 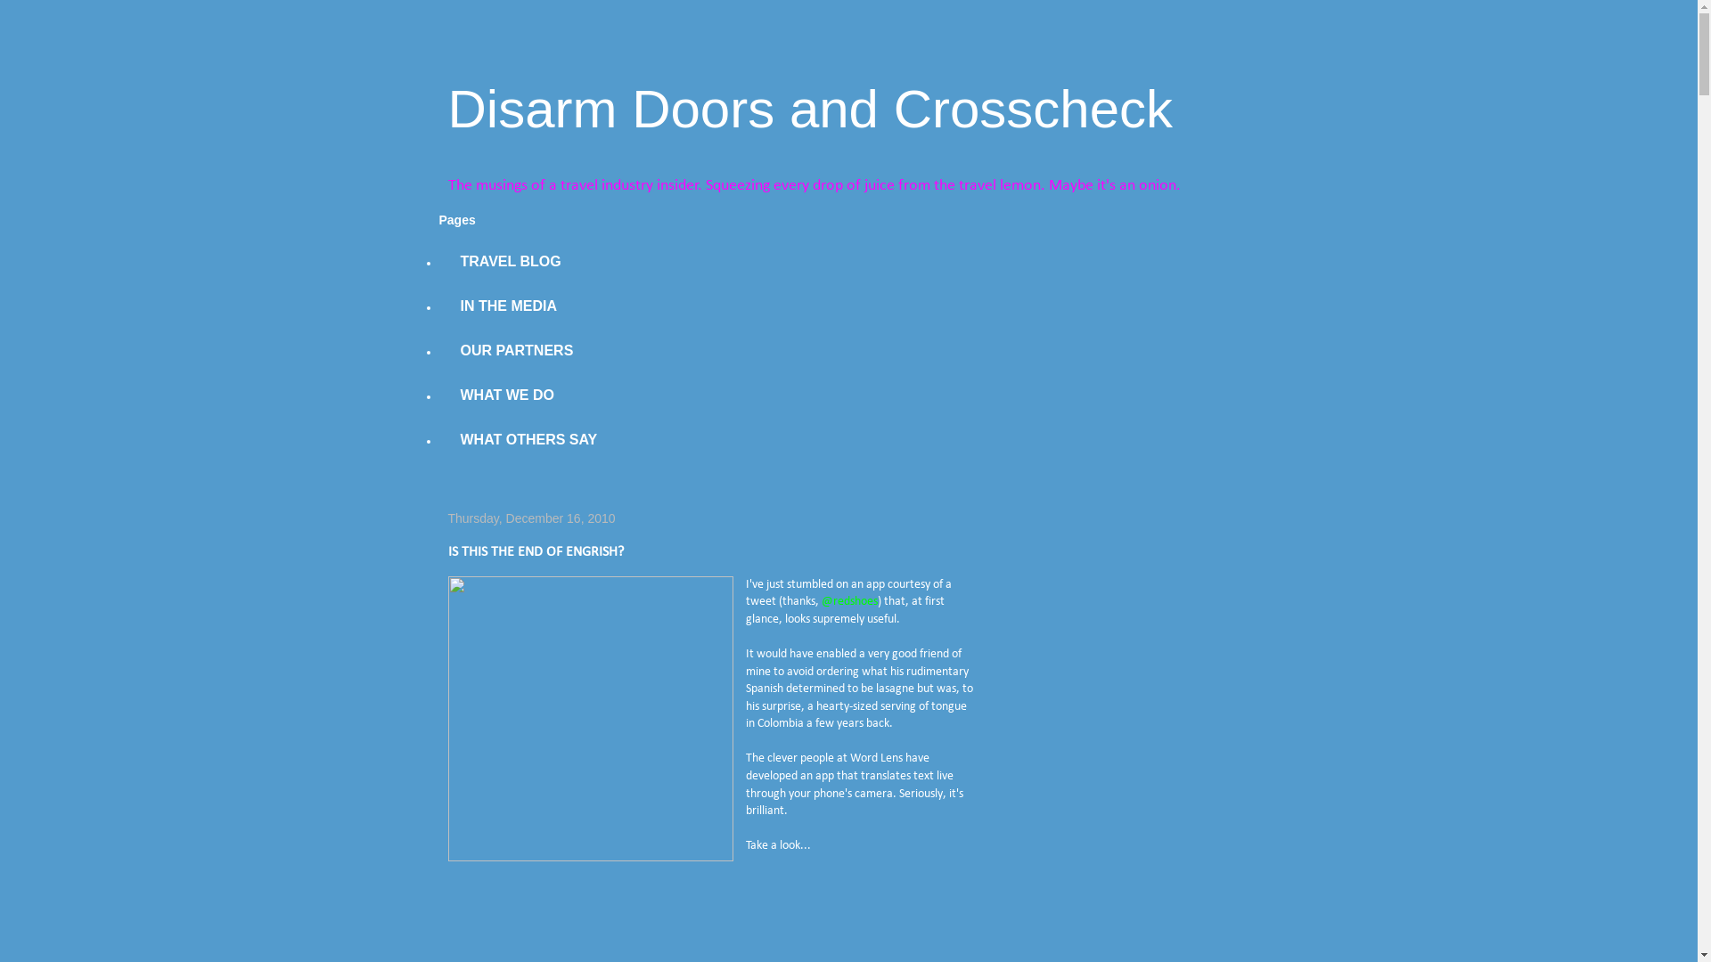 I want to click on 'WHAT WE DO', so click(x=505, y=394).